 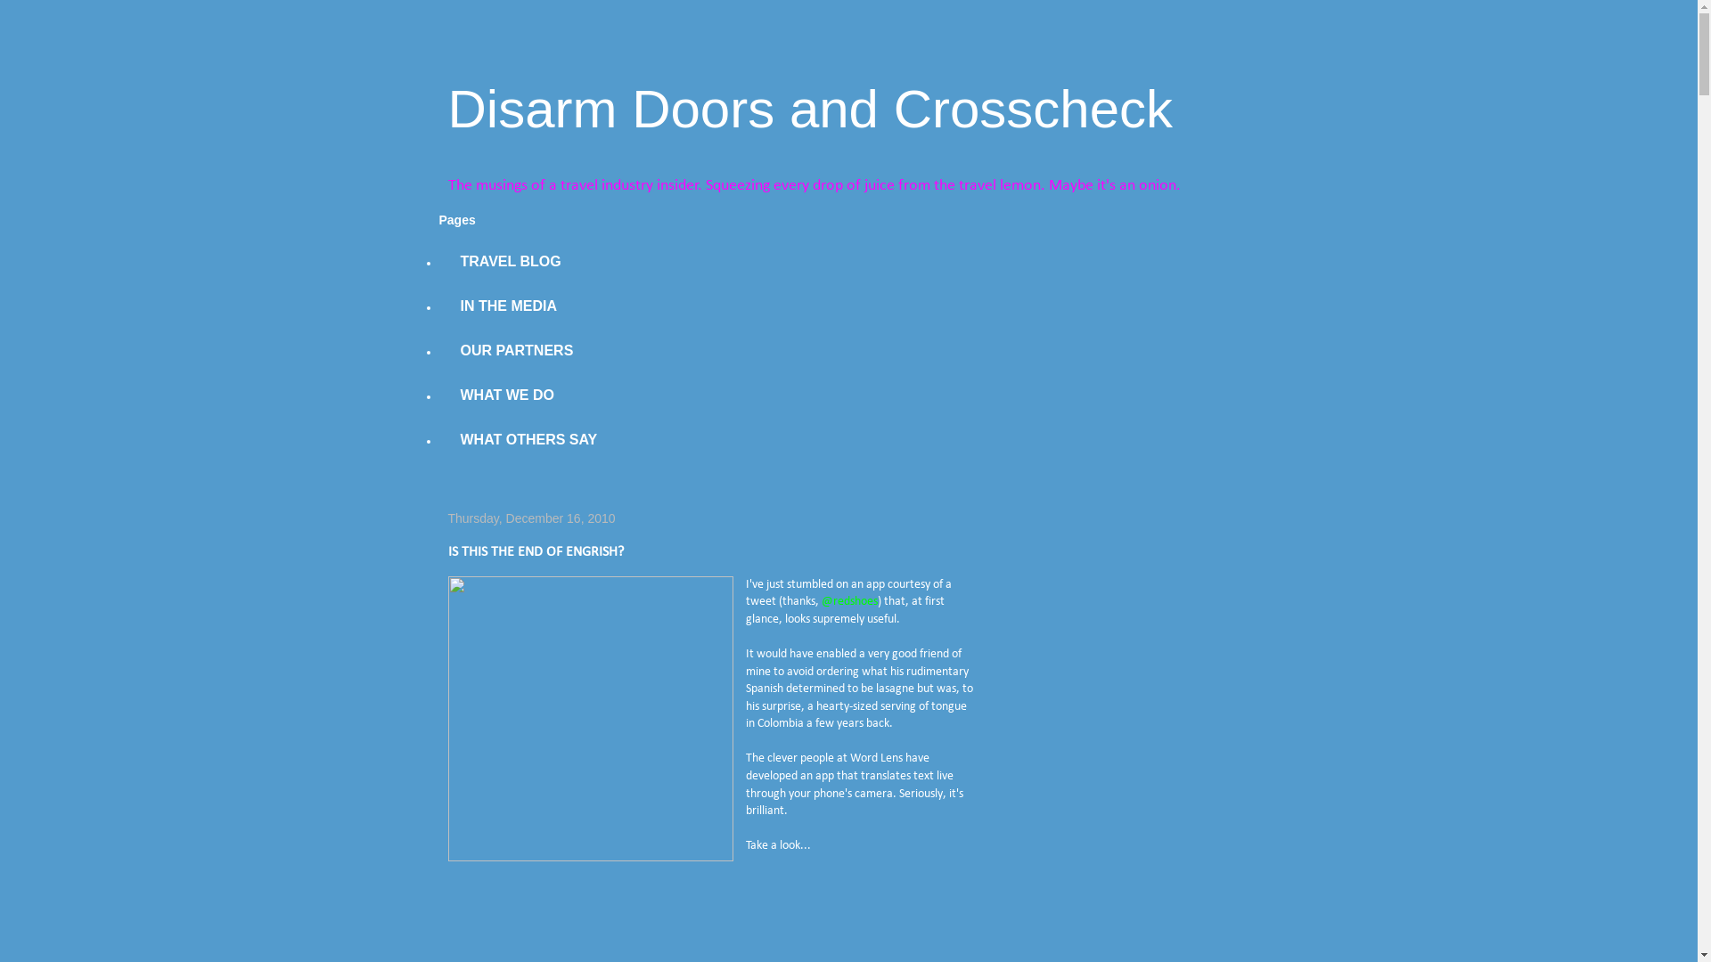 I want to click on 'WHAT WE DO', so click(x=505, y=394).